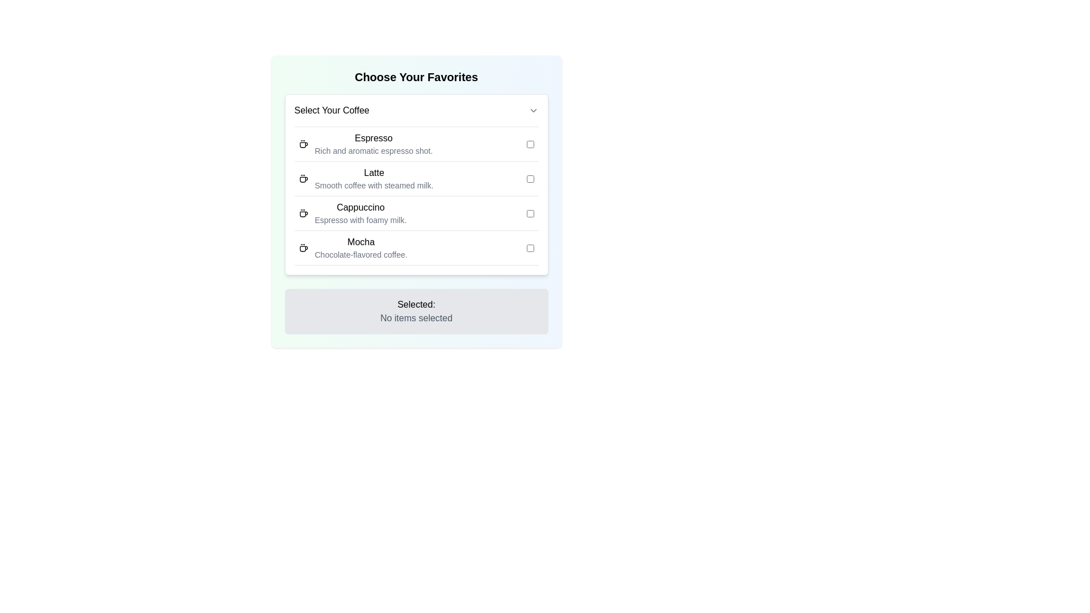 The width and height of the screenshot is (1090, 613). I want to click on the coffee cup icon next to the text 'Mocha', so click(303, 247).